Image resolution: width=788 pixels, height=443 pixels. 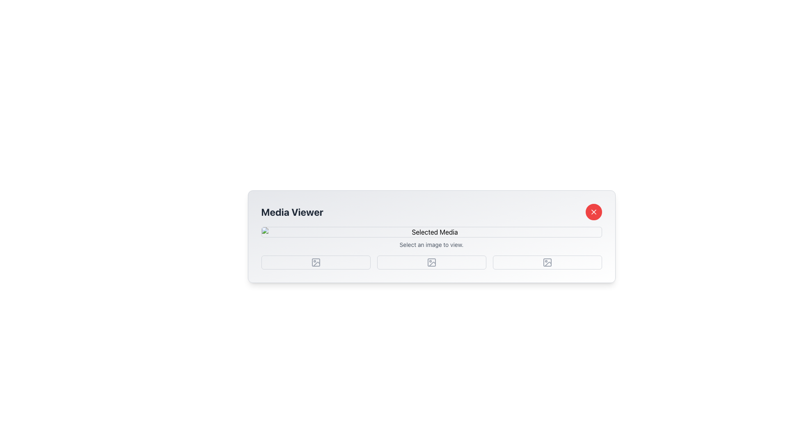 What do you see at coordinates (431, 263) in the screenshot?
I see `the image selection icon located in the middle of five evenly spaced image-related icons in the 'Selected Media' section` at bounding box center [431, 263].